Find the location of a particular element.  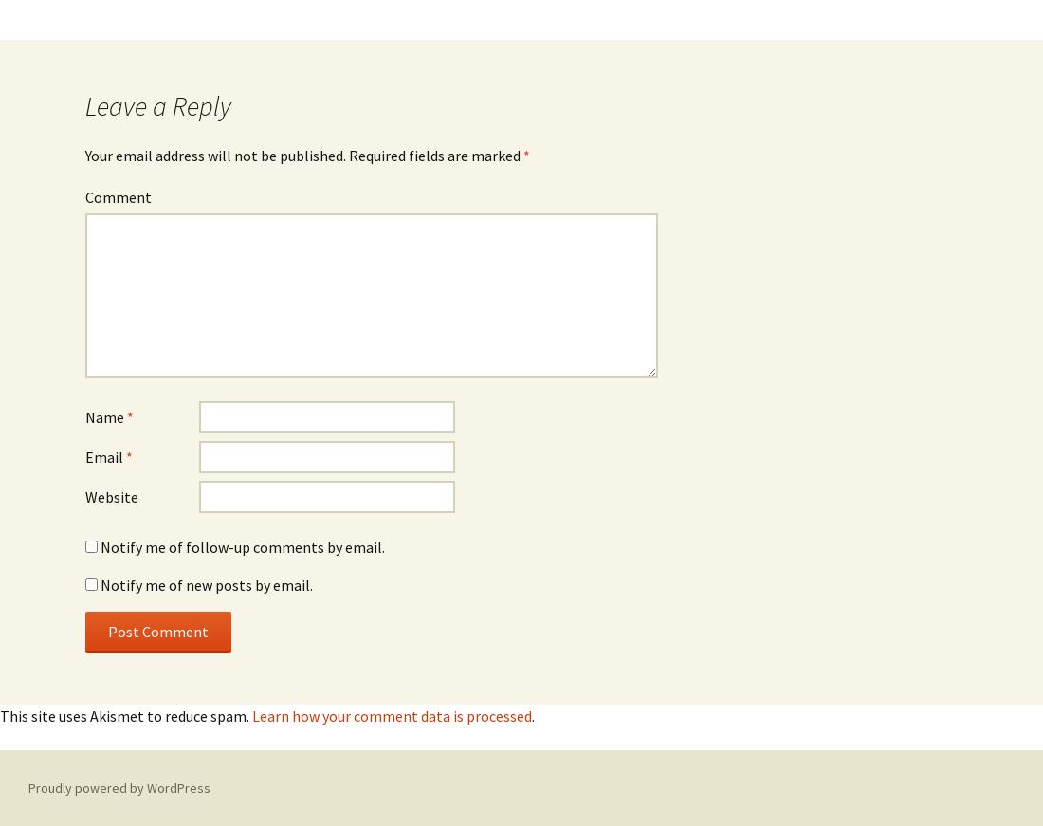

'.' is located at coordinates (531, 715).